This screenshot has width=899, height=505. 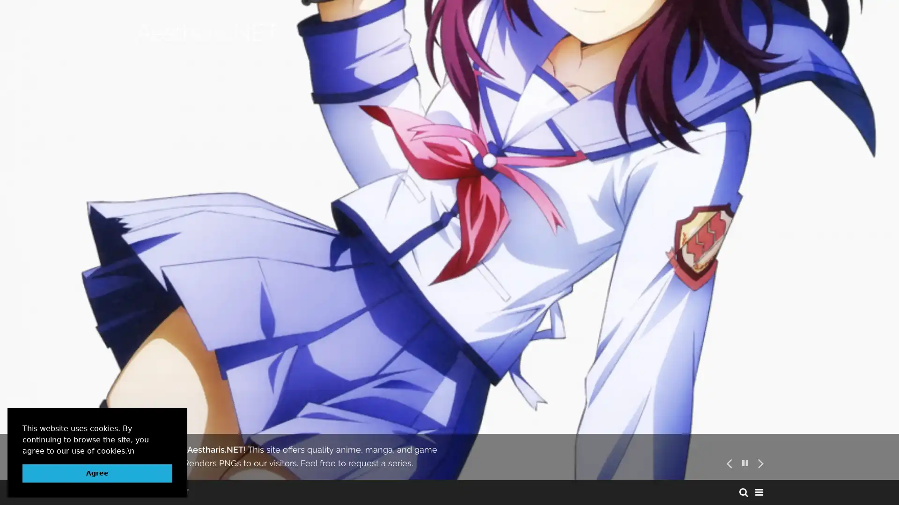 I want to click on dismiss cookie message, so click(x=97, y=473).